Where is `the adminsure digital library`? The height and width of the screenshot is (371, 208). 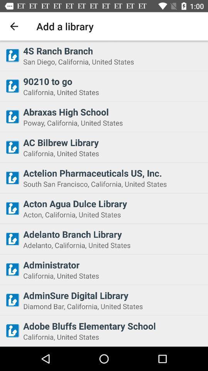
the adminsure digital library is located at coordinates (113, 295).